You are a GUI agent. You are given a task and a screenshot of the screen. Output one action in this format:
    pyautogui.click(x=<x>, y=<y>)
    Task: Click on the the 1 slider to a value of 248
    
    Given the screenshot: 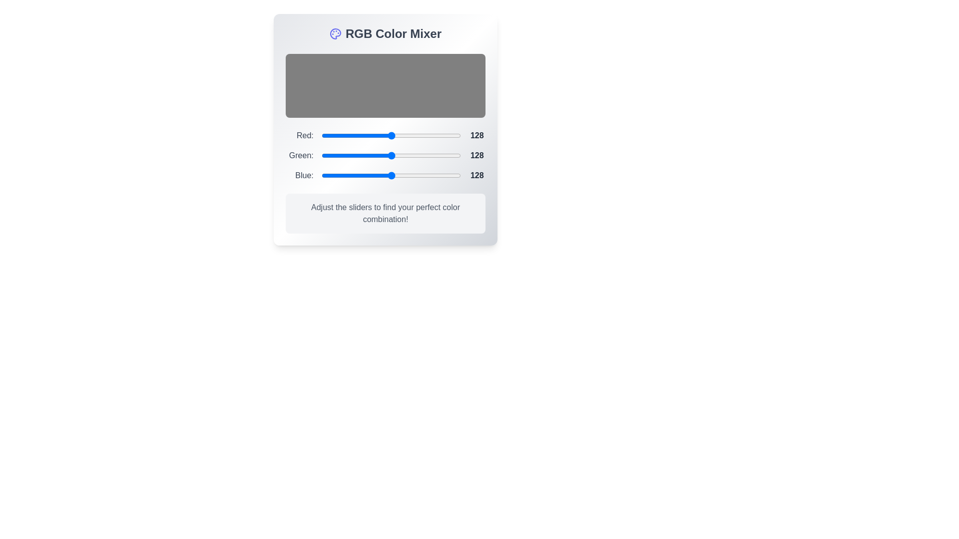 What is the action you would take?
    pyautogui.click(x=458, y=156)
    